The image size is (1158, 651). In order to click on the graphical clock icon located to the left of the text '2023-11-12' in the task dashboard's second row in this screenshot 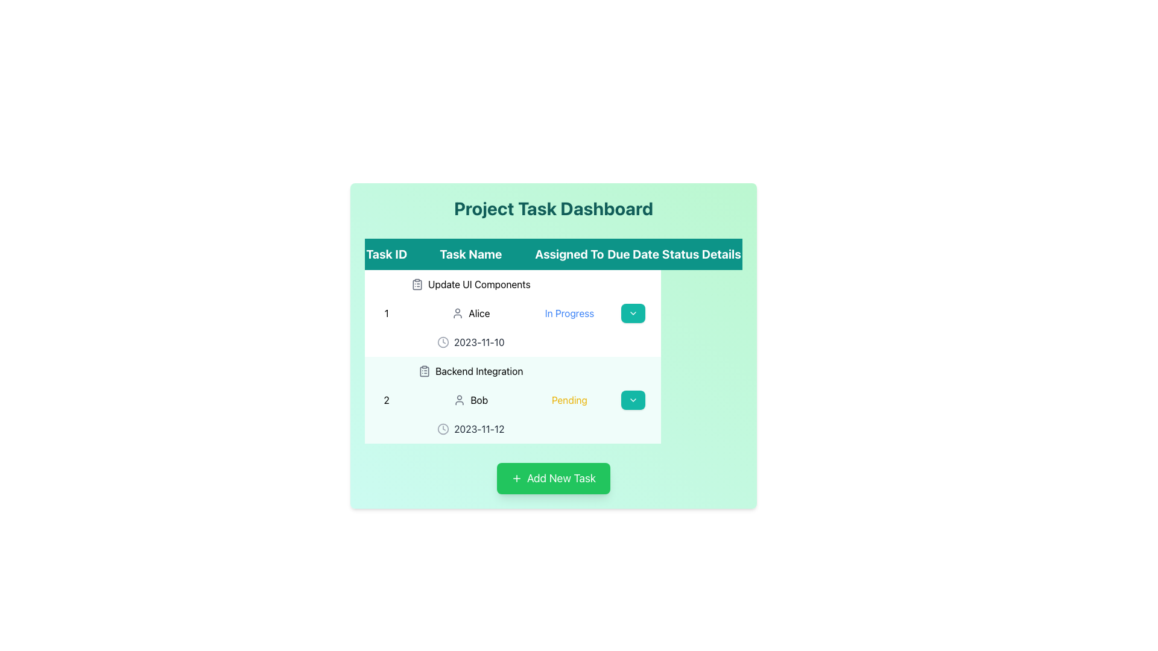, I will do `click(443, 429)`.